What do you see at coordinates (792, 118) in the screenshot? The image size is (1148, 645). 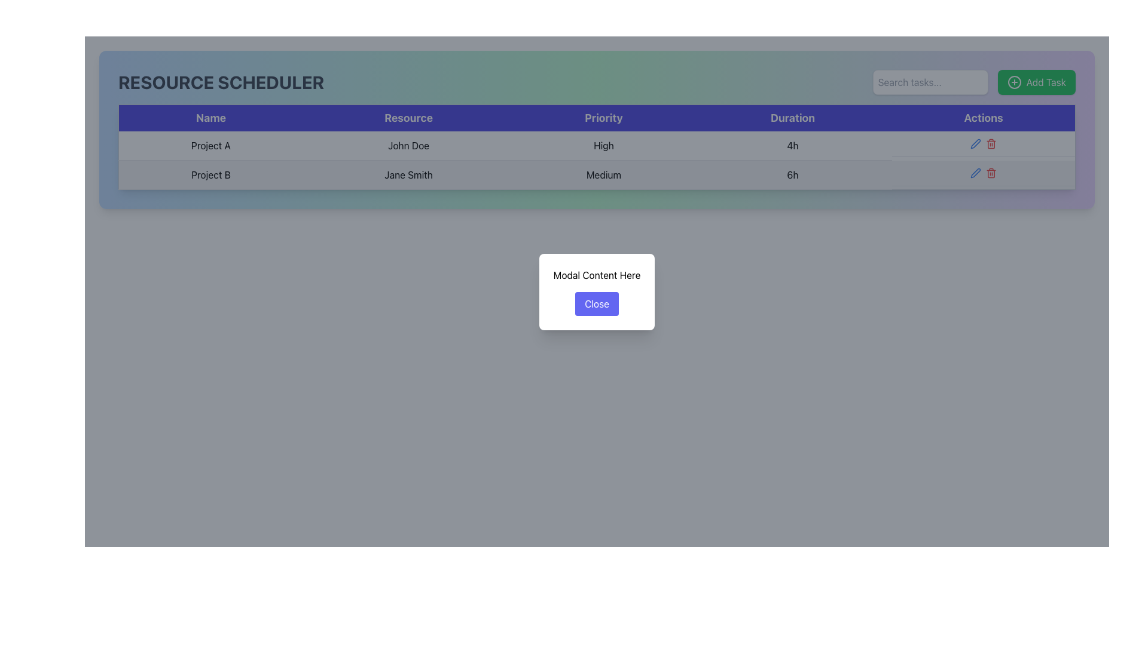 I see `the 'Duration' column header text label, which is the fourth column header in a table structure` at bounding box center [792, 118].